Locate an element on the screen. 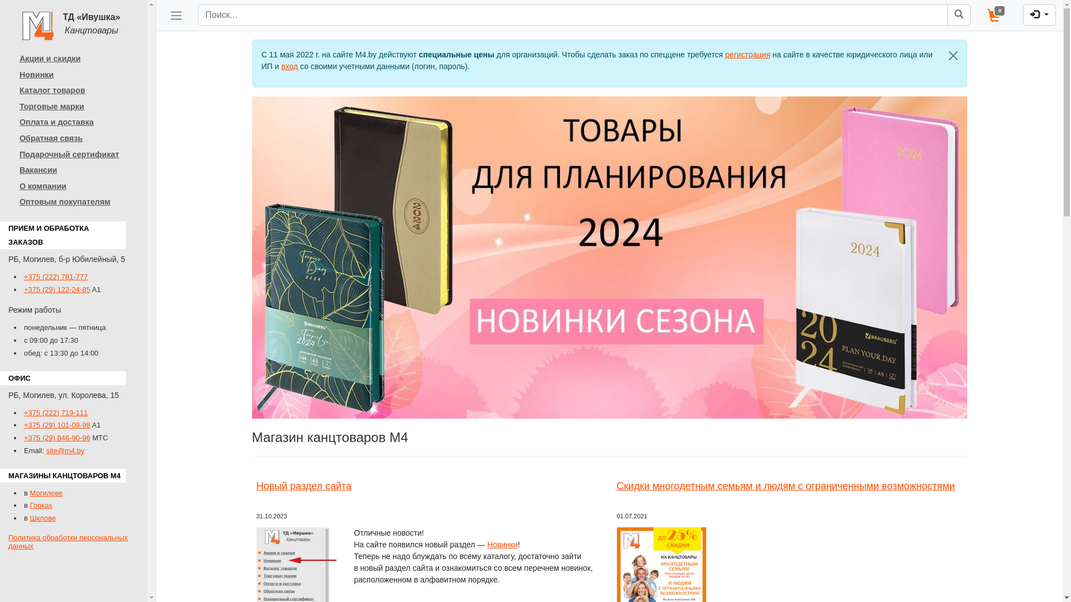 This screenshot has width=1071, height=602. '+375 (222) 781-777' is located at coordinates (24, 276).